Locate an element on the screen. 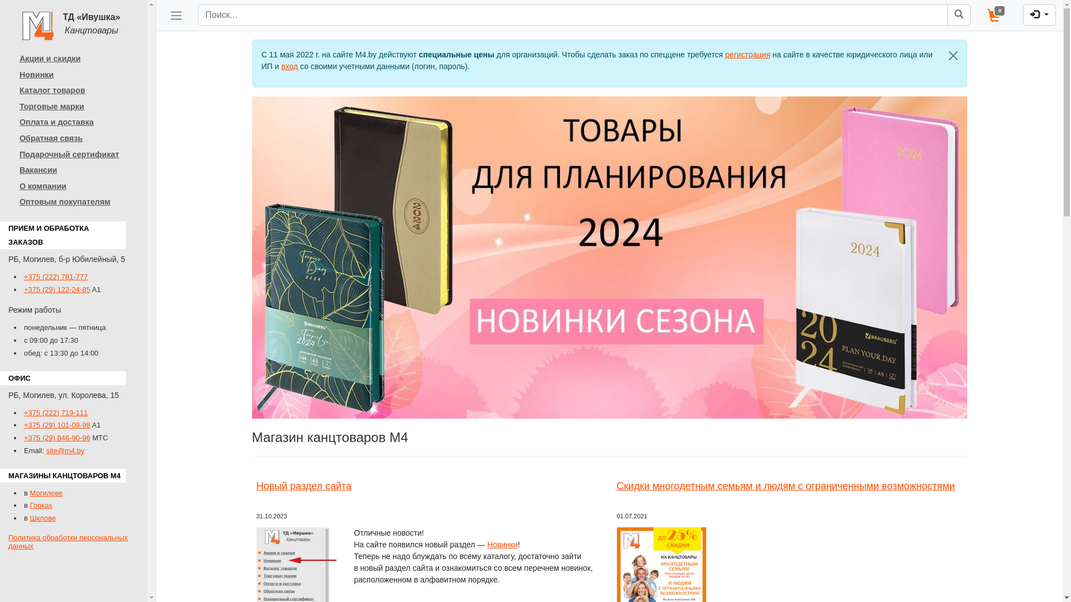 This screenshot has width=1071, height=602. '+375 (222) 781-777' is located at coordinates (24, 276).